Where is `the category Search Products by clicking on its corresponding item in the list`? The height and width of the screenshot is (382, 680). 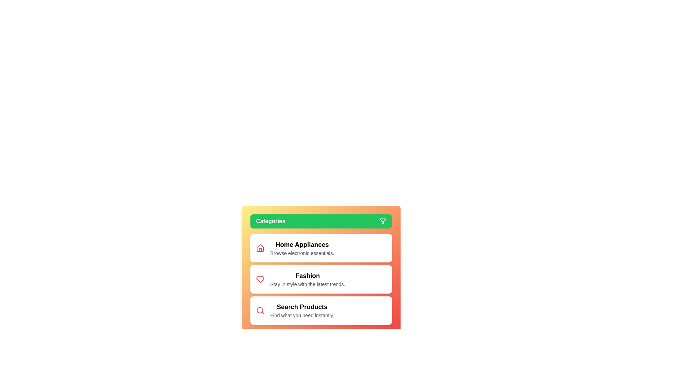
the category Search Products by clicking on its corresponding item in the list is located at coordinates (321, 310).